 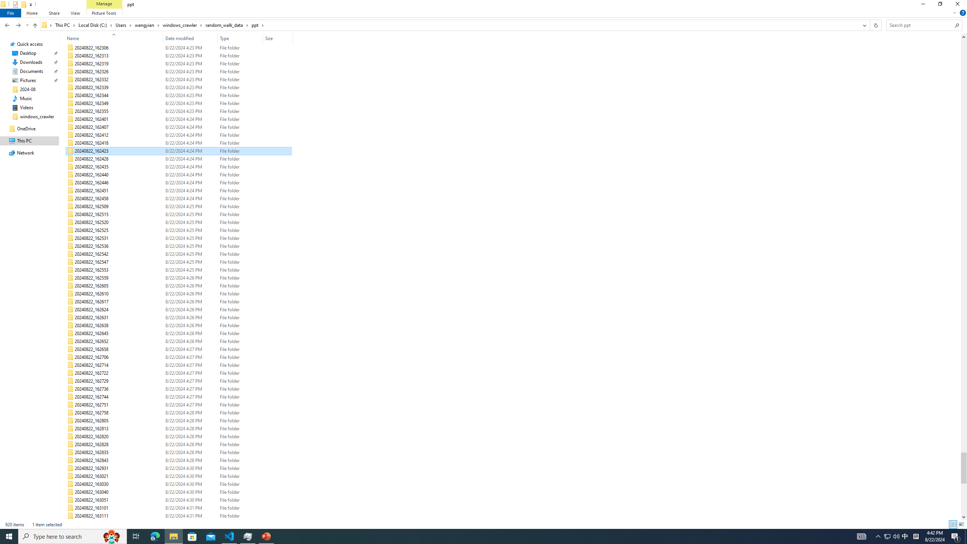 I want to click on 'Refresh "ppt" (F5)', so click(x=876, y=25).